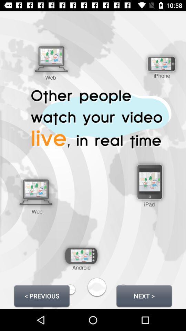 The image size is (186, 331). What do you see at coordinates (144, 295) in the screenshot?
I see `next > button` at bounding box center [144, 295].